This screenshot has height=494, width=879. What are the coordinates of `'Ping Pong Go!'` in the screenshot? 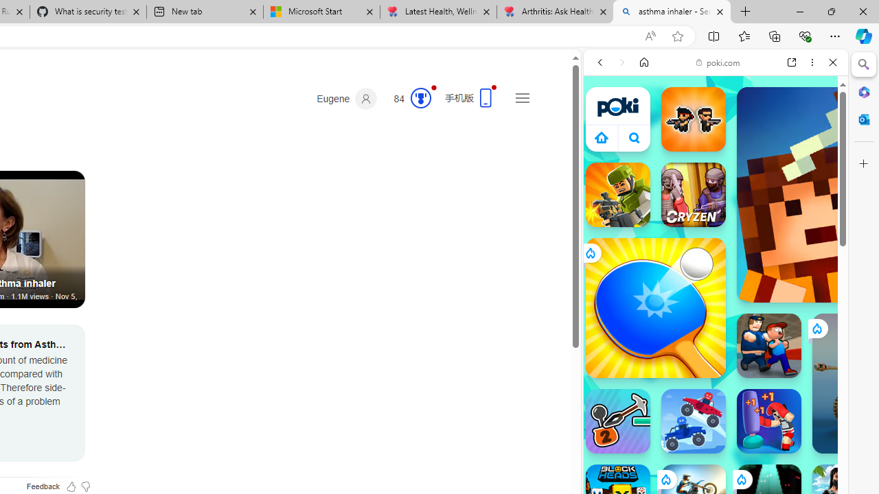 It's located at (654, 307).